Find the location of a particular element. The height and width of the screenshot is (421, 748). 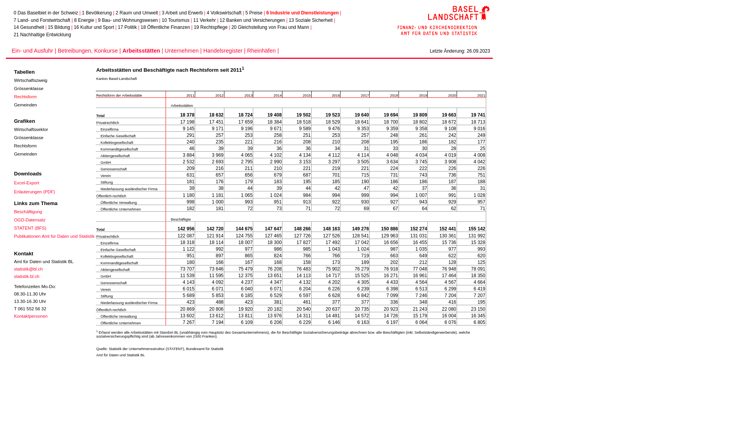

'0 Das Baselbiet in der Schweiz' is located at coordinates (45, 13).